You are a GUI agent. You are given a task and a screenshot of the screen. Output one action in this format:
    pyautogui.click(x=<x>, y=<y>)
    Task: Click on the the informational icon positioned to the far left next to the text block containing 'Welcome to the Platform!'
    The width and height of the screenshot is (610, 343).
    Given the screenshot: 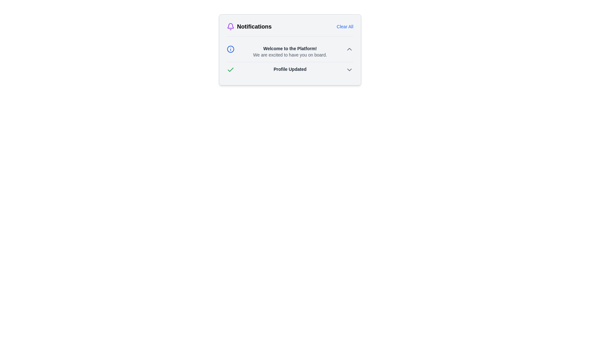 What is the action you would take?
    pyautogui.click(x=230, y=49)
    